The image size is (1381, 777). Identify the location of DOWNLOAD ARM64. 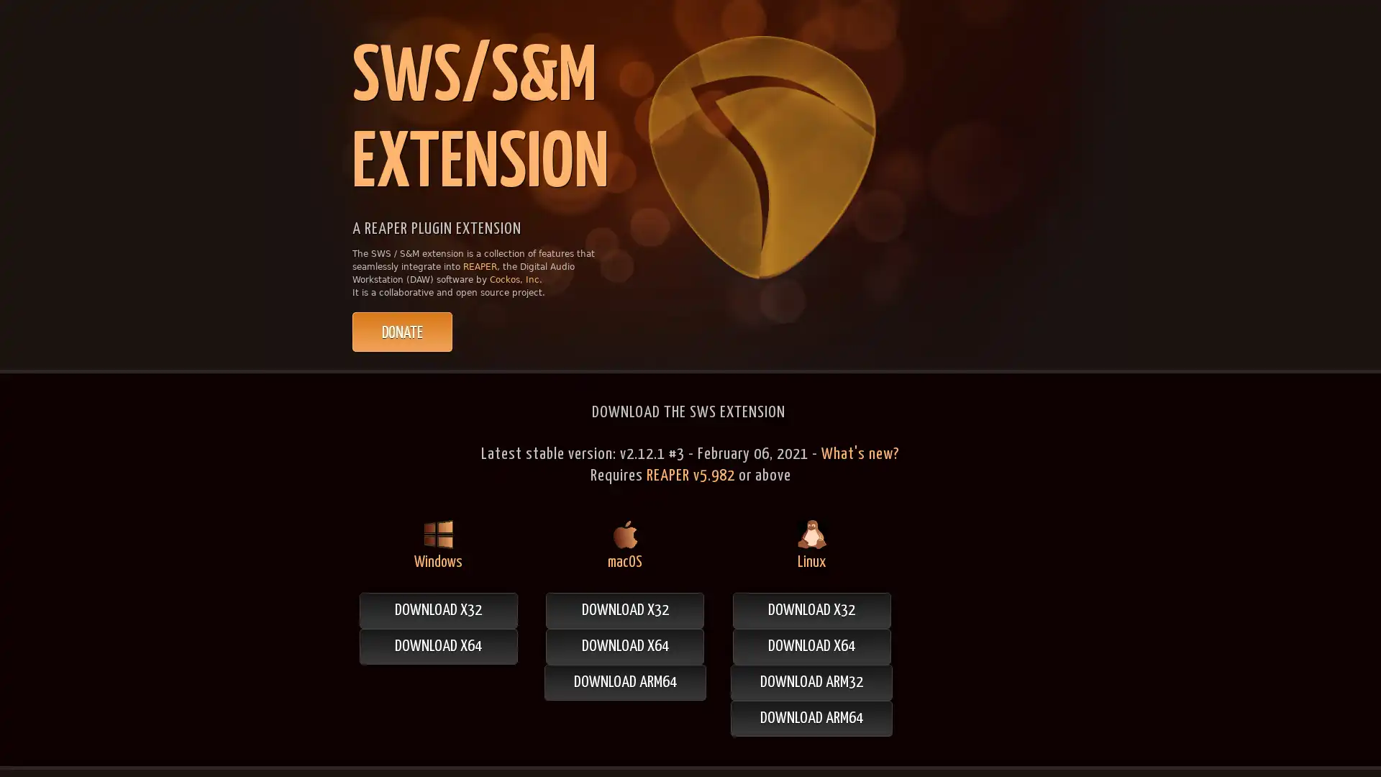
(919, 719).